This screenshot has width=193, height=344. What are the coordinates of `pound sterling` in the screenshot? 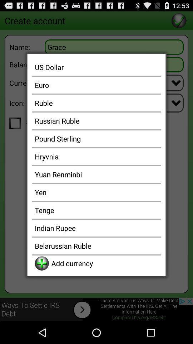 It's located at (96, 138).